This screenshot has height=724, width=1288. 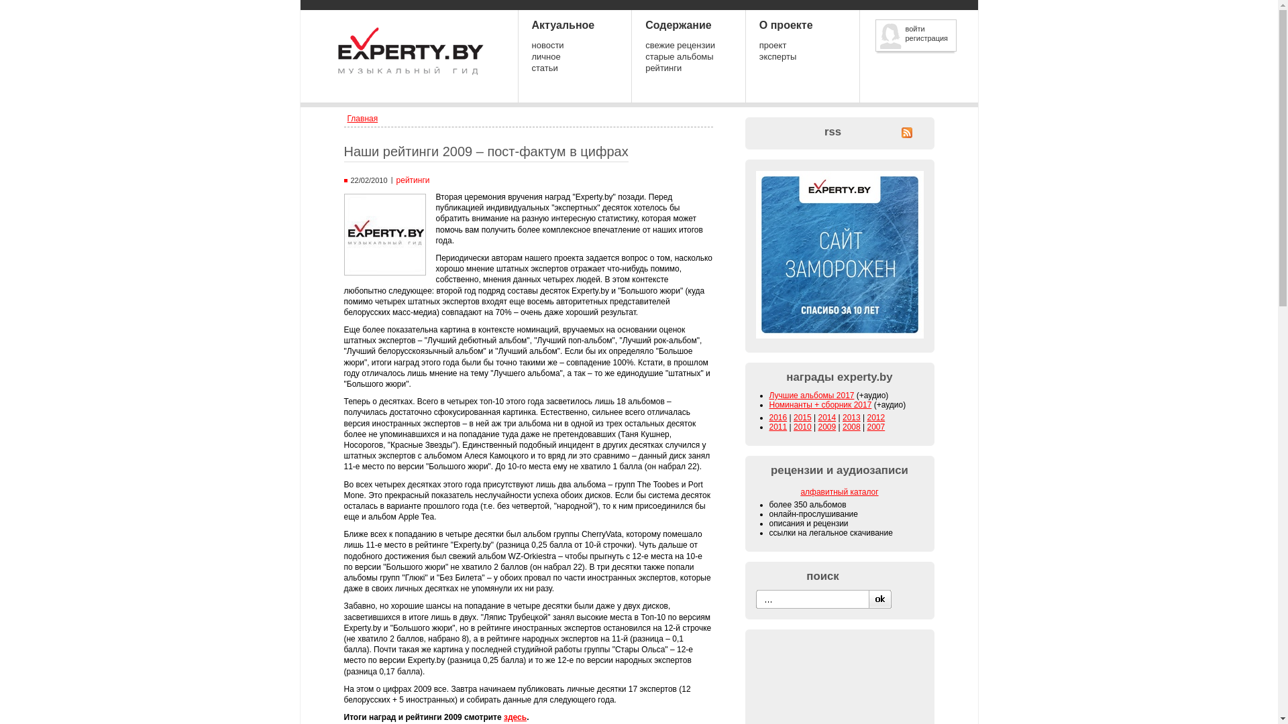 What do you see at coordinates (875, 426) in the screenshot?
I see `'2007'` at bounding box center [875, 426].